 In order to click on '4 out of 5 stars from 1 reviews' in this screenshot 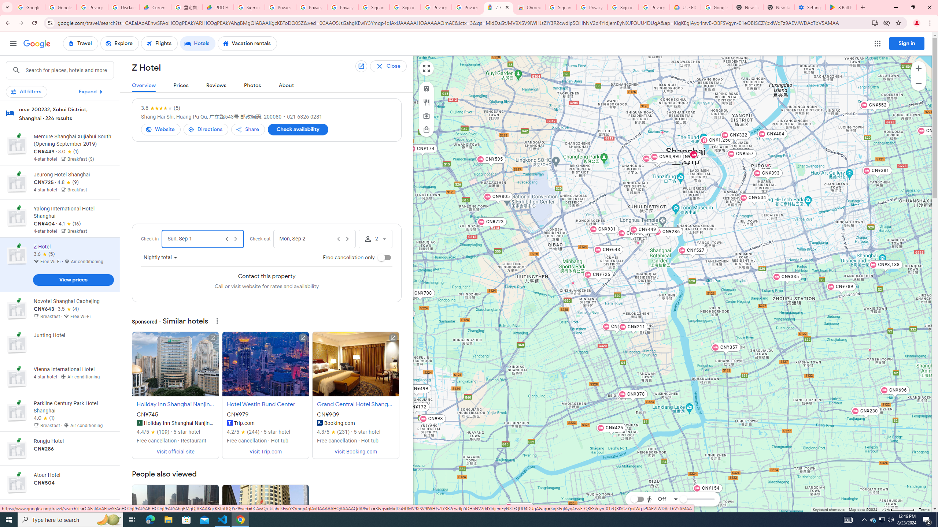, I will do `click(44, 418)`.